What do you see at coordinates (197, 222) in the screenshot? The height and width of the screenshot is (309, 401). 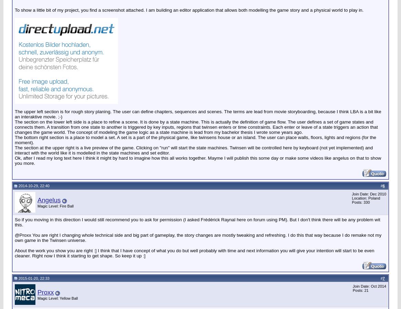 I see `'So if you moving in this direction I would still recommend you to ask for permission (I asked Frédérick Raynal here on forum using PM). But I don't think there will be any problem wit this.'` at bounding box center [197, 222].